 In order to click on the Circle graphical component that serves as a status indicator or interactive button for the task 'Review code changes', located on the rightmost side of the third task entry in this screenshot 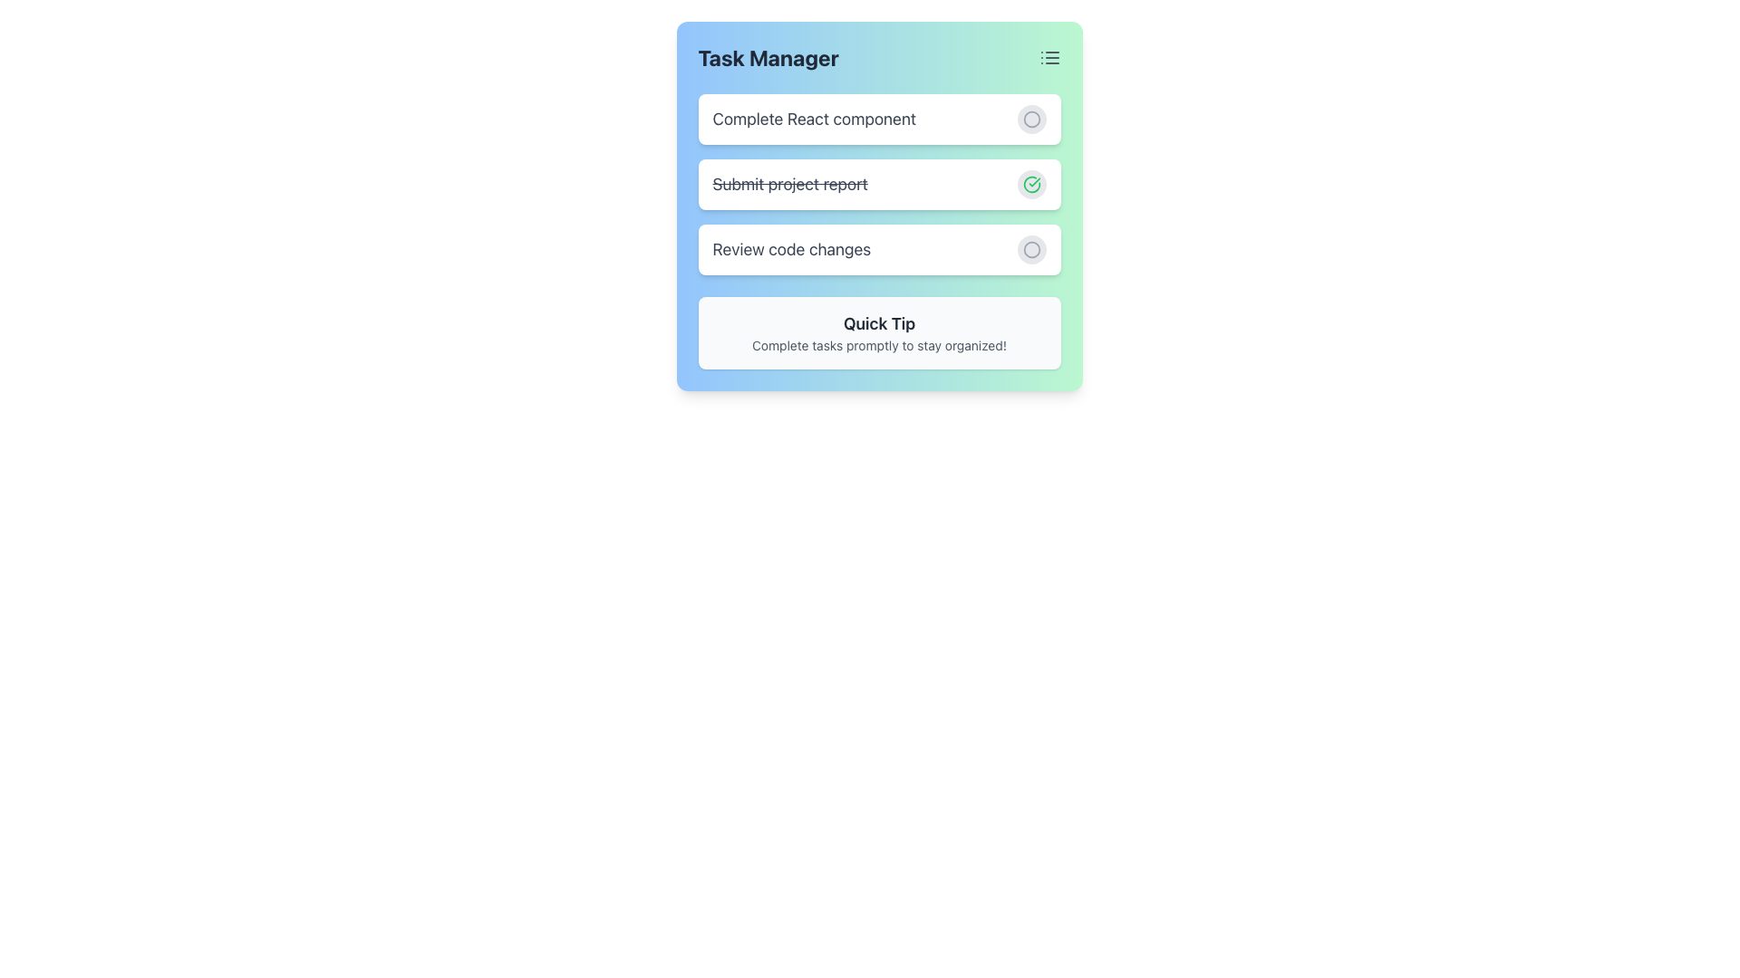, I will do `click(1031, 250)`.